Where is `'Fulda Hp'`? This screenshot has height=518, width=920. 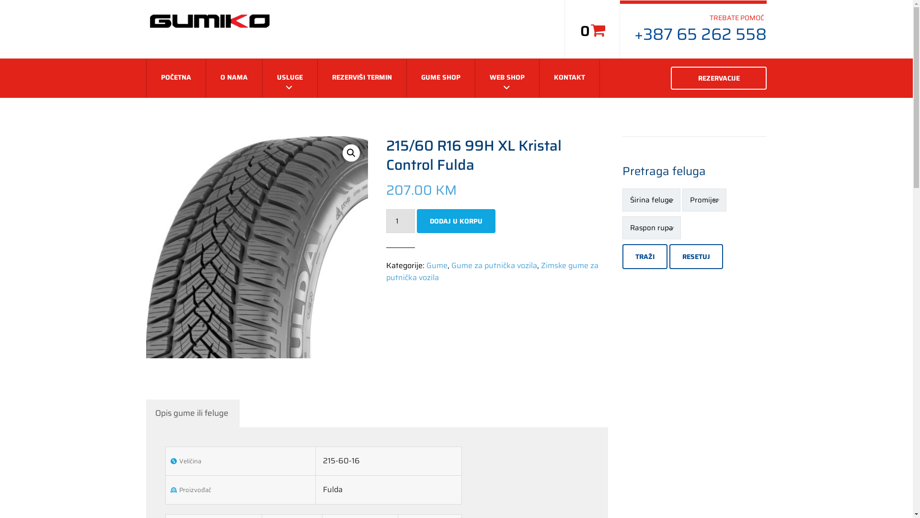 'Fulda Hp' is located at coordinates (257, 247).